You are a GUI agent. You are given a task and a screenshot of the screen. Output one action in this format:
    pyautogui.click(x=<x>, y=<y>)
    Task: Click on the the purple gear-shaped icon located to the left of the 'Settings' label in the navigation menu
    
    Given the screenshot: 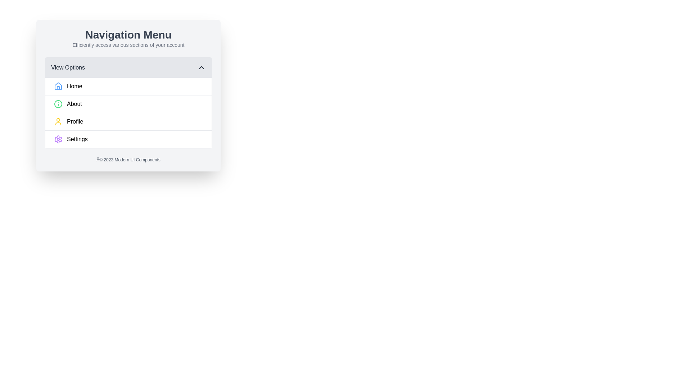 What is the action you would take?
    pyautogui.click(x=58, y=139)
    